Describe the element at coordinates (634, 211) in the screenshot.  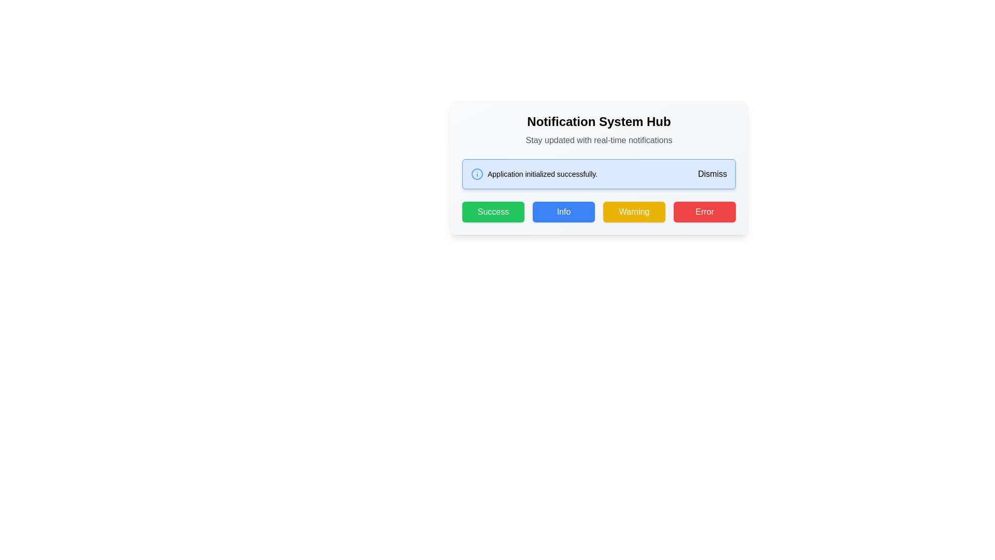
I see `the 'Warning' button, which is a rectangular button with rounded corners and a yellow background labeled in bold white text, located below the 'Notification System Hub'` at that location.